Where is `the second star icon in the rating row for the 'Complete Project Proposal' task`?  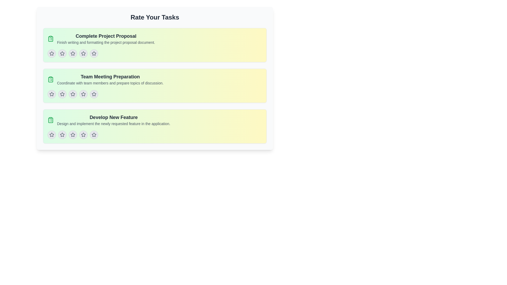 the second star icon in the rating row for the 'Complete Project Proposal' task is located at coordinates (62, 54).